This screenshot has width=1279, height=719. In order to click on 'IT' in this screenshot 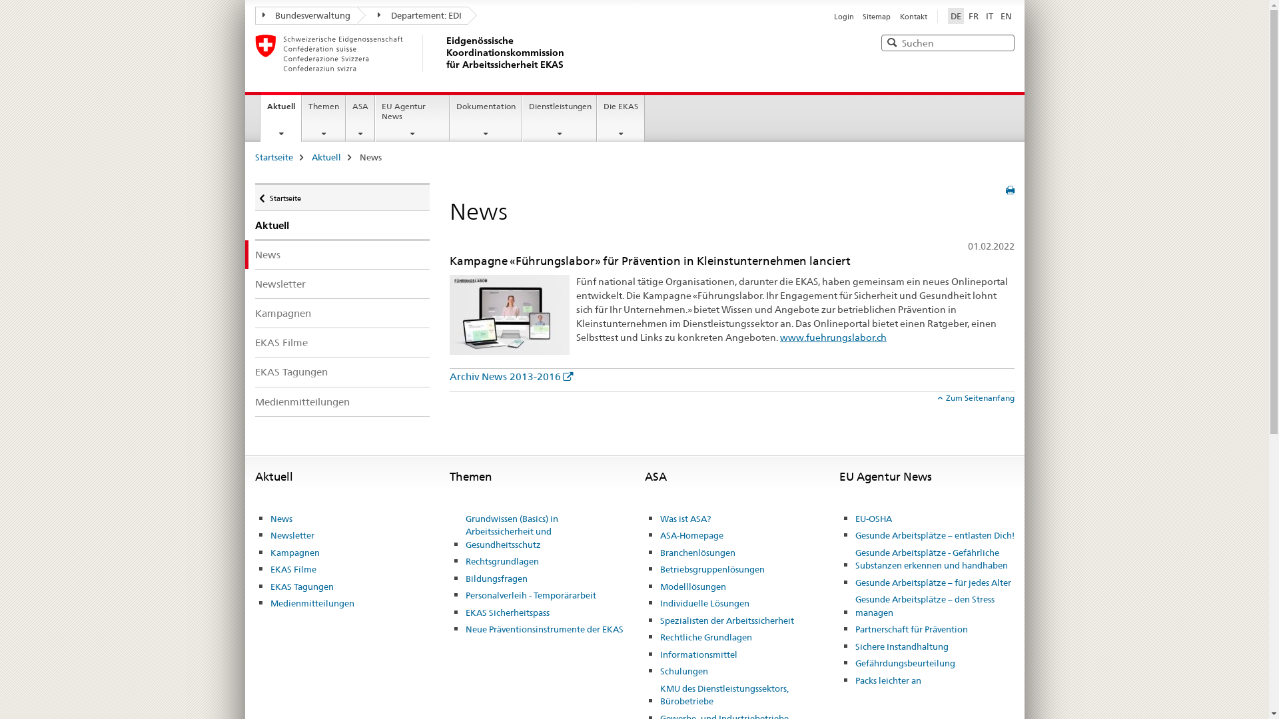, I will do `click(989, 15)`.